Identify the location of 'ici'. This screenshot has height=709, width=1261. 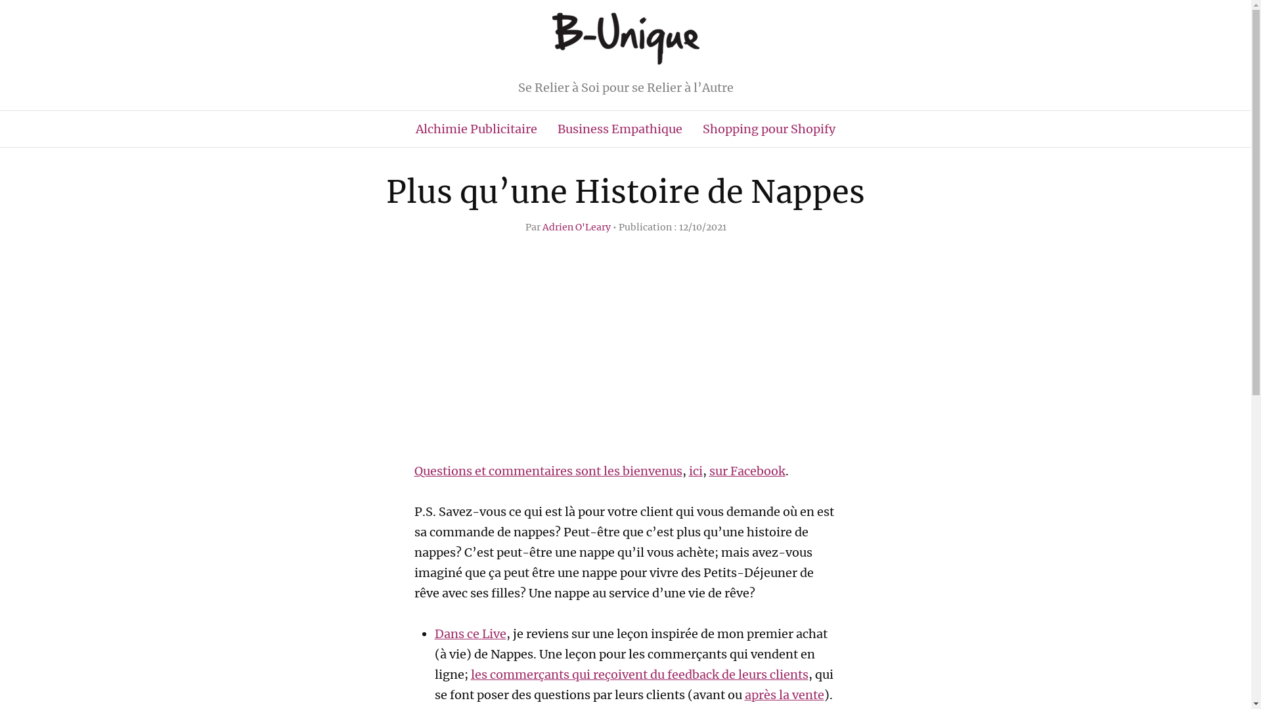
(694, 470).